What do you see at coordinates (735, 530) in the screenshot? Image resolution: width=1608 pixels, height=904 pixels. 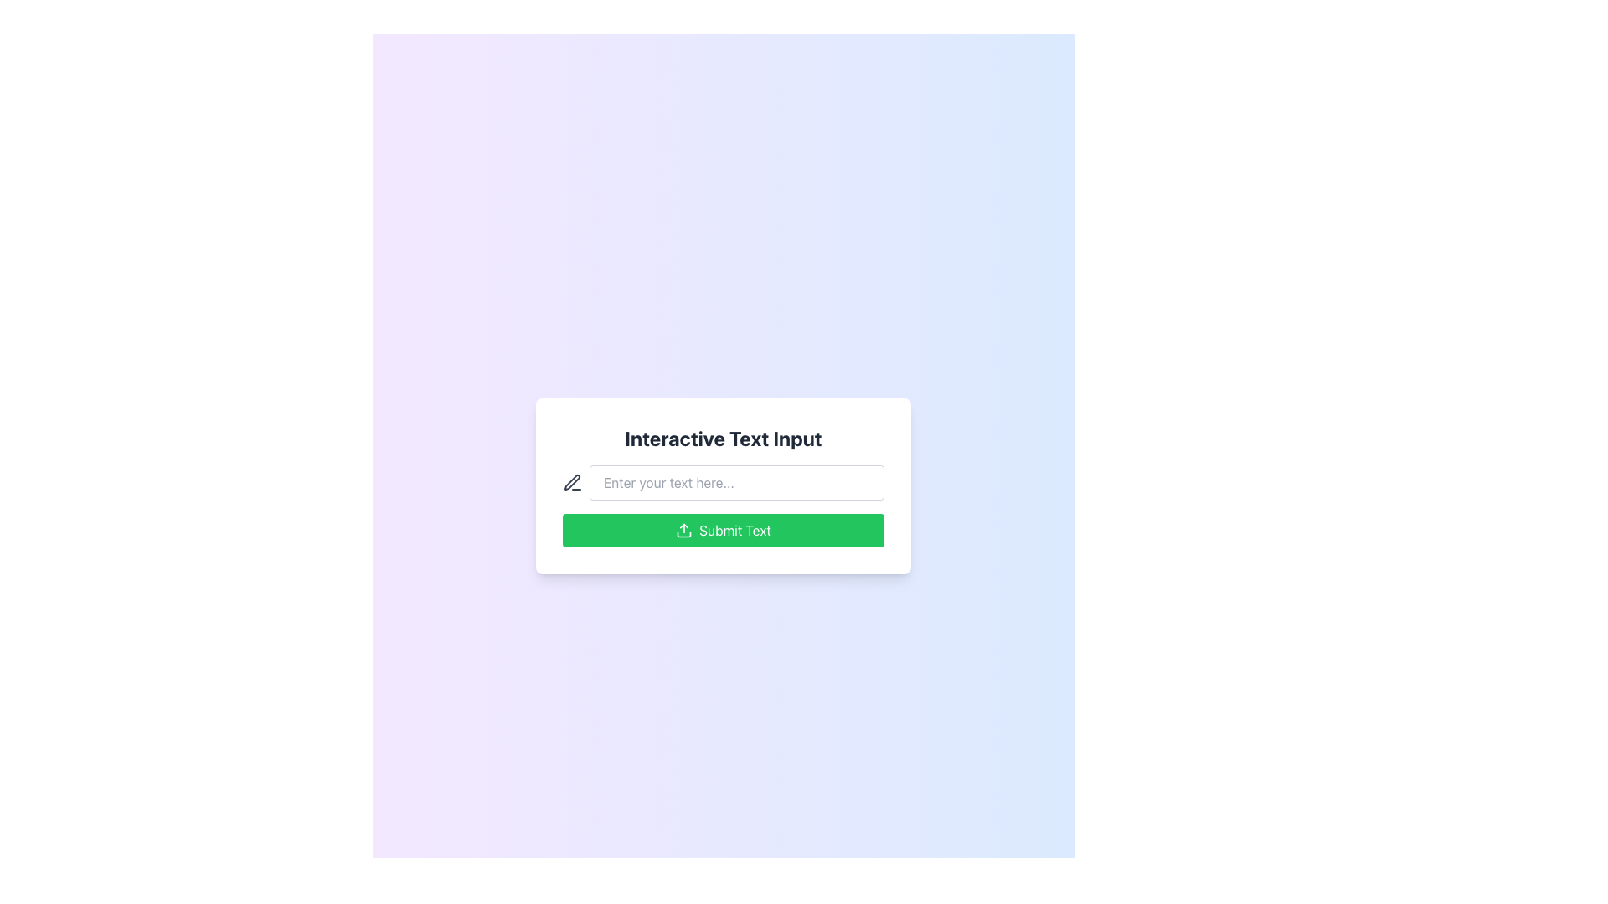 I see `the 'Submit Text' button, which is a green button with rounded corners containing the text styled in white sans-serif font` at bounding box center [735, 530].